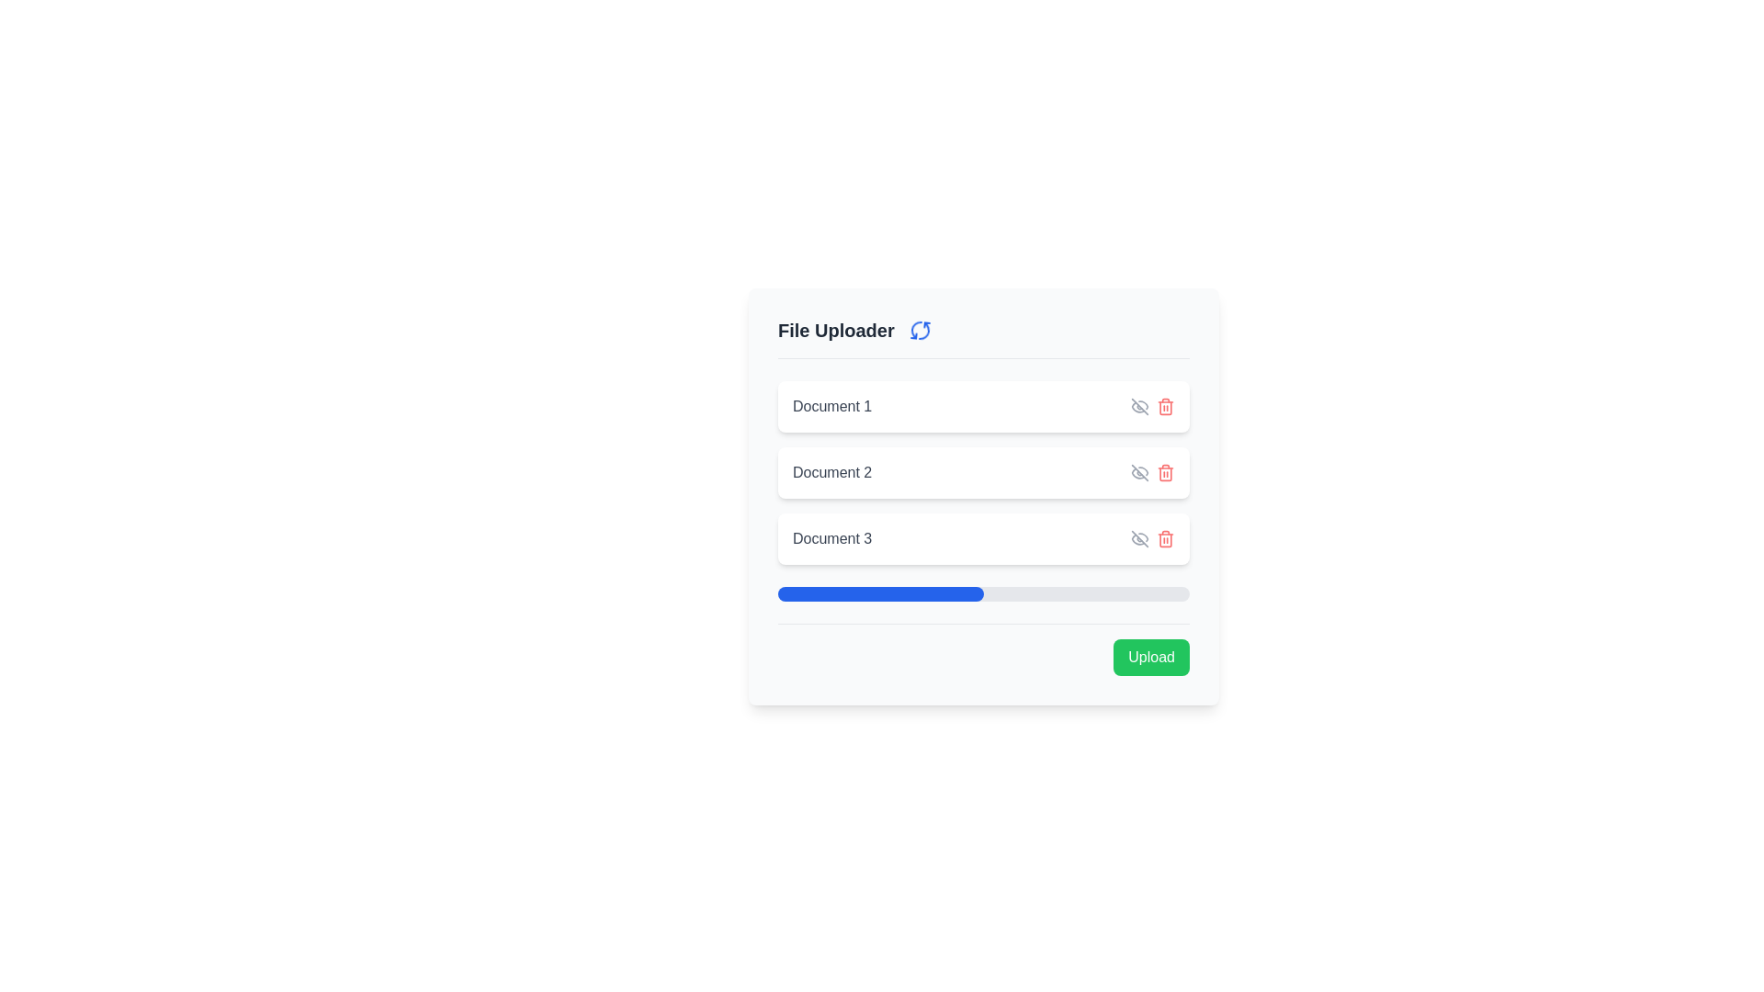 The image size is (1764, 992). Describe the element at coordinates (1164, 537) in the screenshot. I see `the delete icon for 'Document 3', which is the second icon from the right in the action buttons segment of its row` at that location.